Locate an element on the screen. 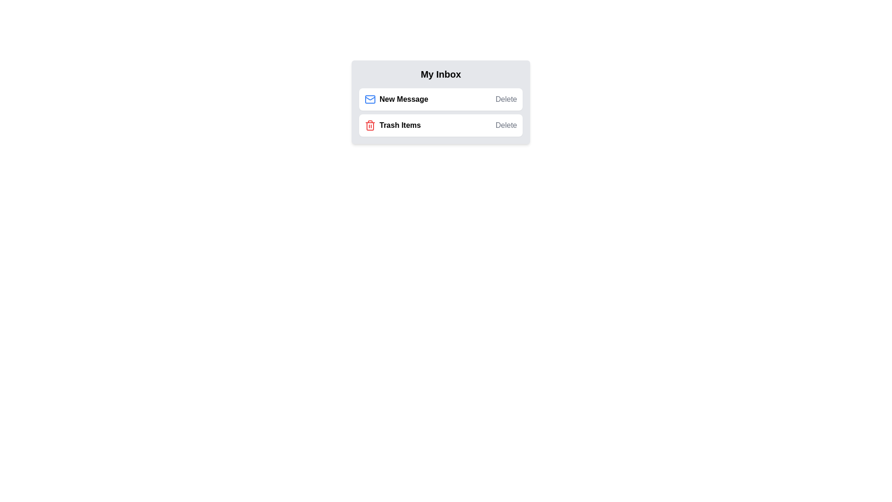 This screenshot has width=892, height=502. the text 'New Message' to select it is located at coordinates (396, 99).